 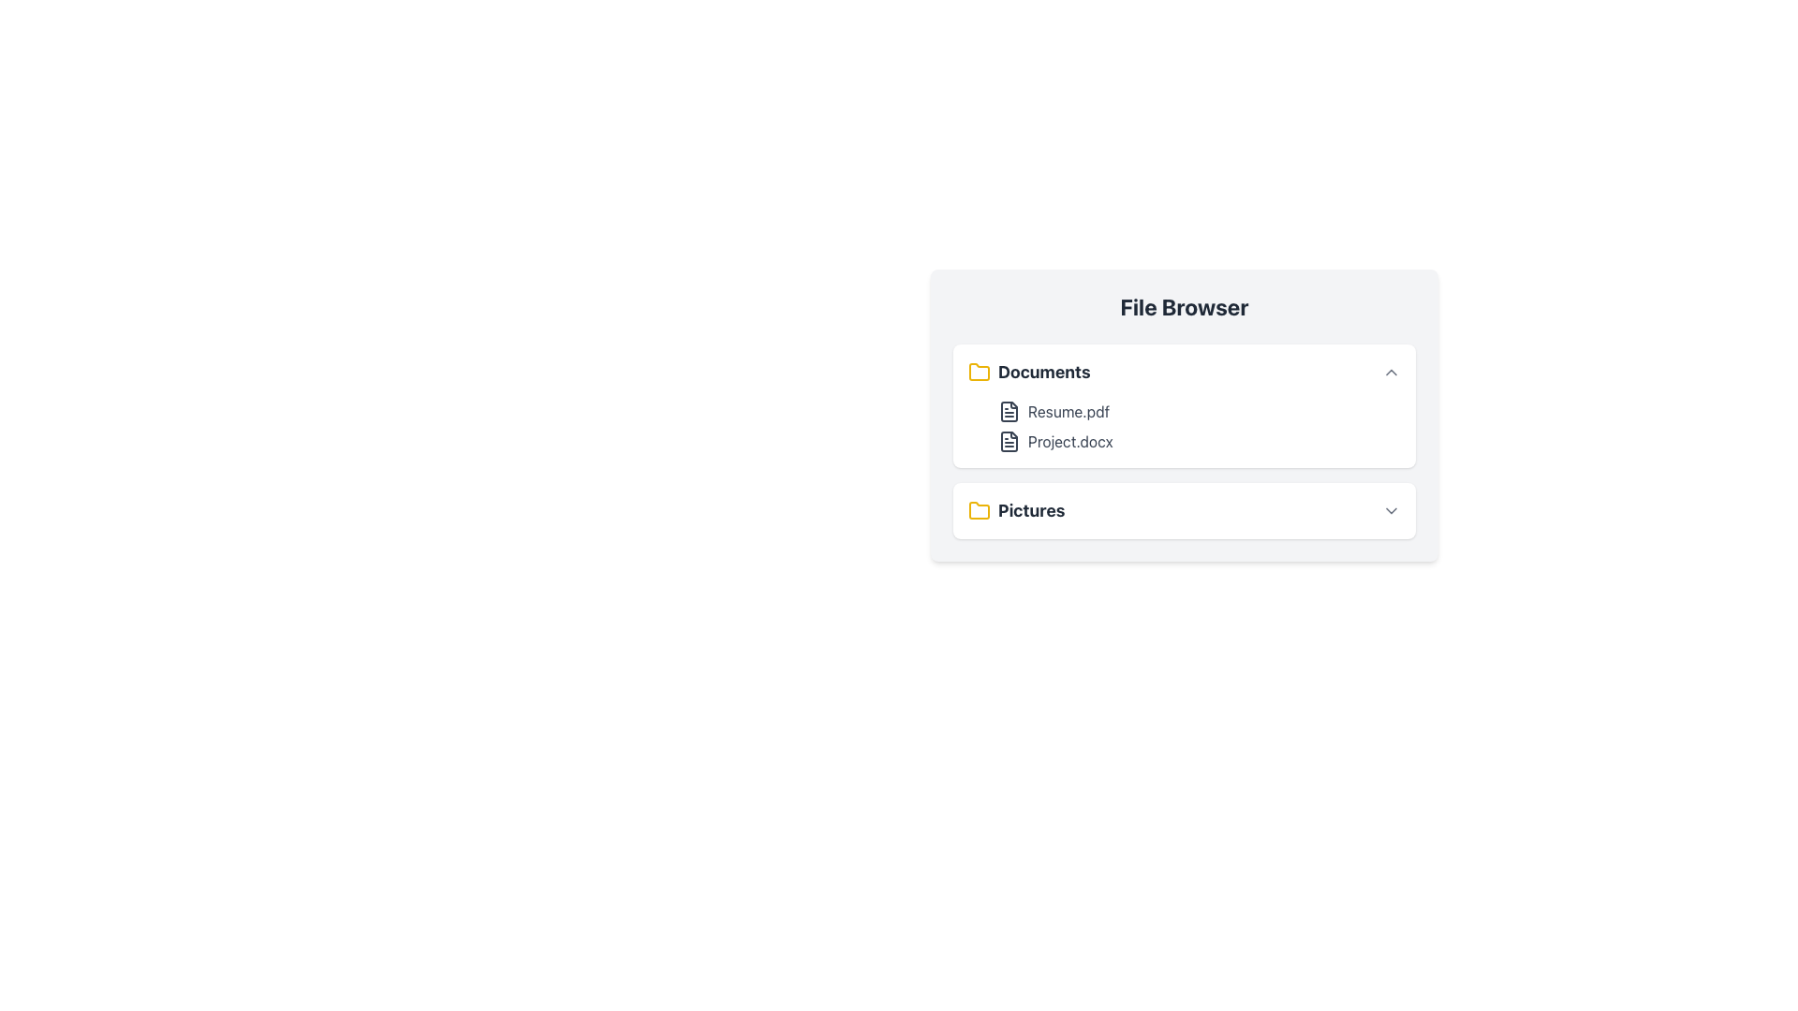 I want to click on the decorative document file icon located in the 'File Browser' section next to the 'Project.docx' text, so click(x=1009, y=410).